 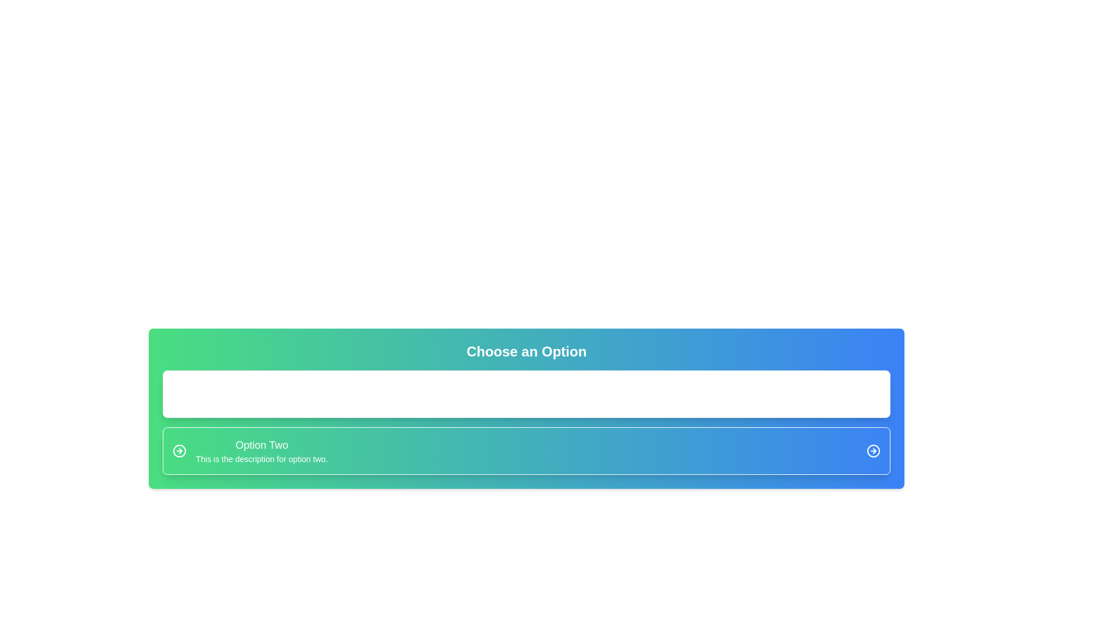 What do you see at coordinates (261, 458) in the screenshot?
I see `text content of the label that displays 'This is the description for option two.' which is located within a green-tinted background in the second card of the options list` at bounding box center [261, 458].